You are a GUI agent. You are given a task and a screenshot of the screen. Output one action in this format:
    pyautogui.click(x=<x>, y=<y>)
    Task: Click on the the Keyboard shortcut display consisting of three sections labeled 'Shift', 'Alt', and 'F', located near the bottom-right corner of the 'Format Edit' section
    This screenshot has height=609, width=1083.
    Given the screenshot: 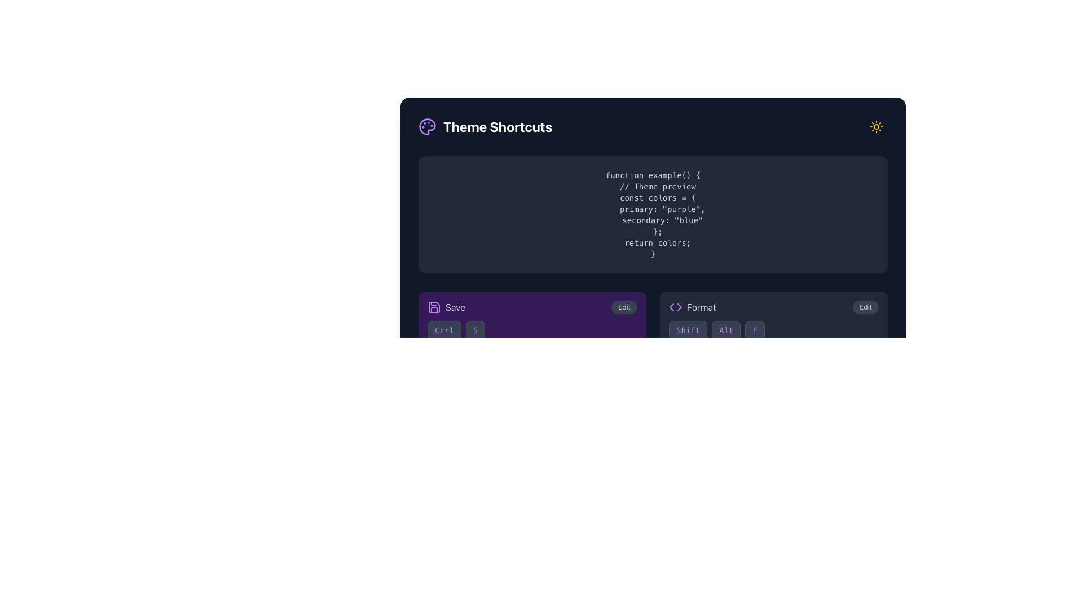 What is the action you would take?
    pyautogui.click(x=773, y=330)
    